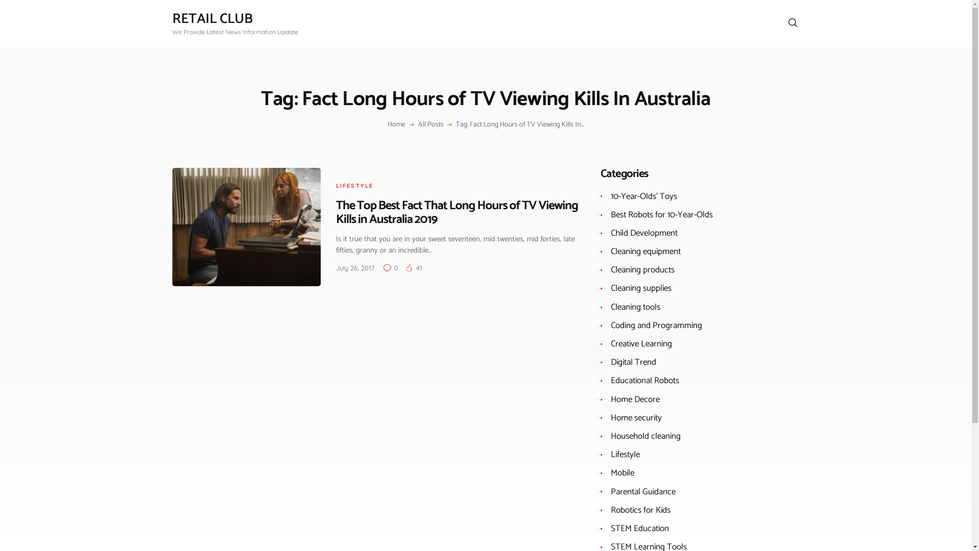 The width and height of the screenshot is (979, 551). Describe the element at coordinates (656, 325) in the screenshot. I see `'Coding and Programming'` at that location.